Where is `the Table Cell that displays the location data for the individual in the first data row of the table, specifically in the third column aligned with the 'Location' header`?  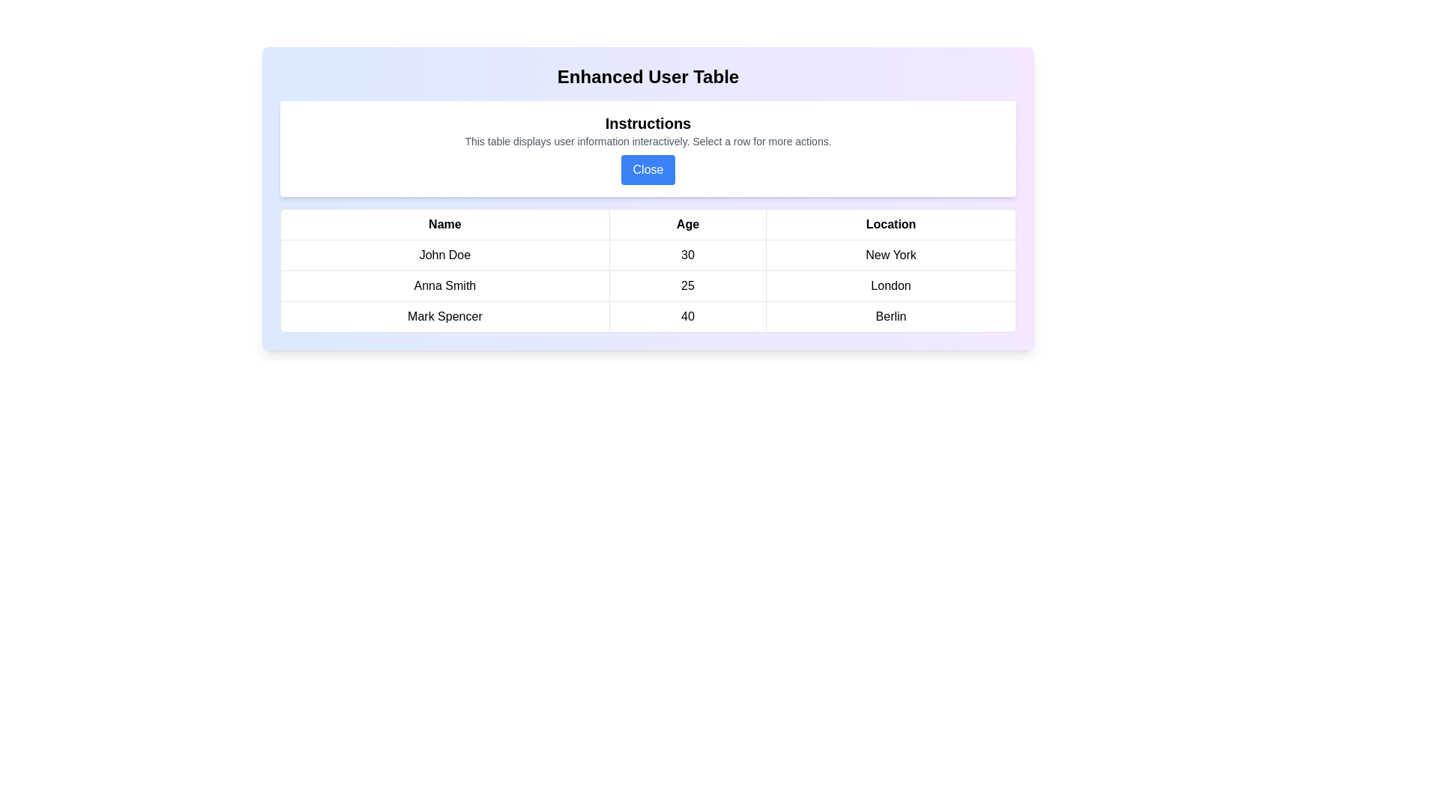 the Table Cell that displays the location data for the individual in the first data row of the table, specifically in the third column aligned with the 'Location' header is located at coordinates (891, 254).